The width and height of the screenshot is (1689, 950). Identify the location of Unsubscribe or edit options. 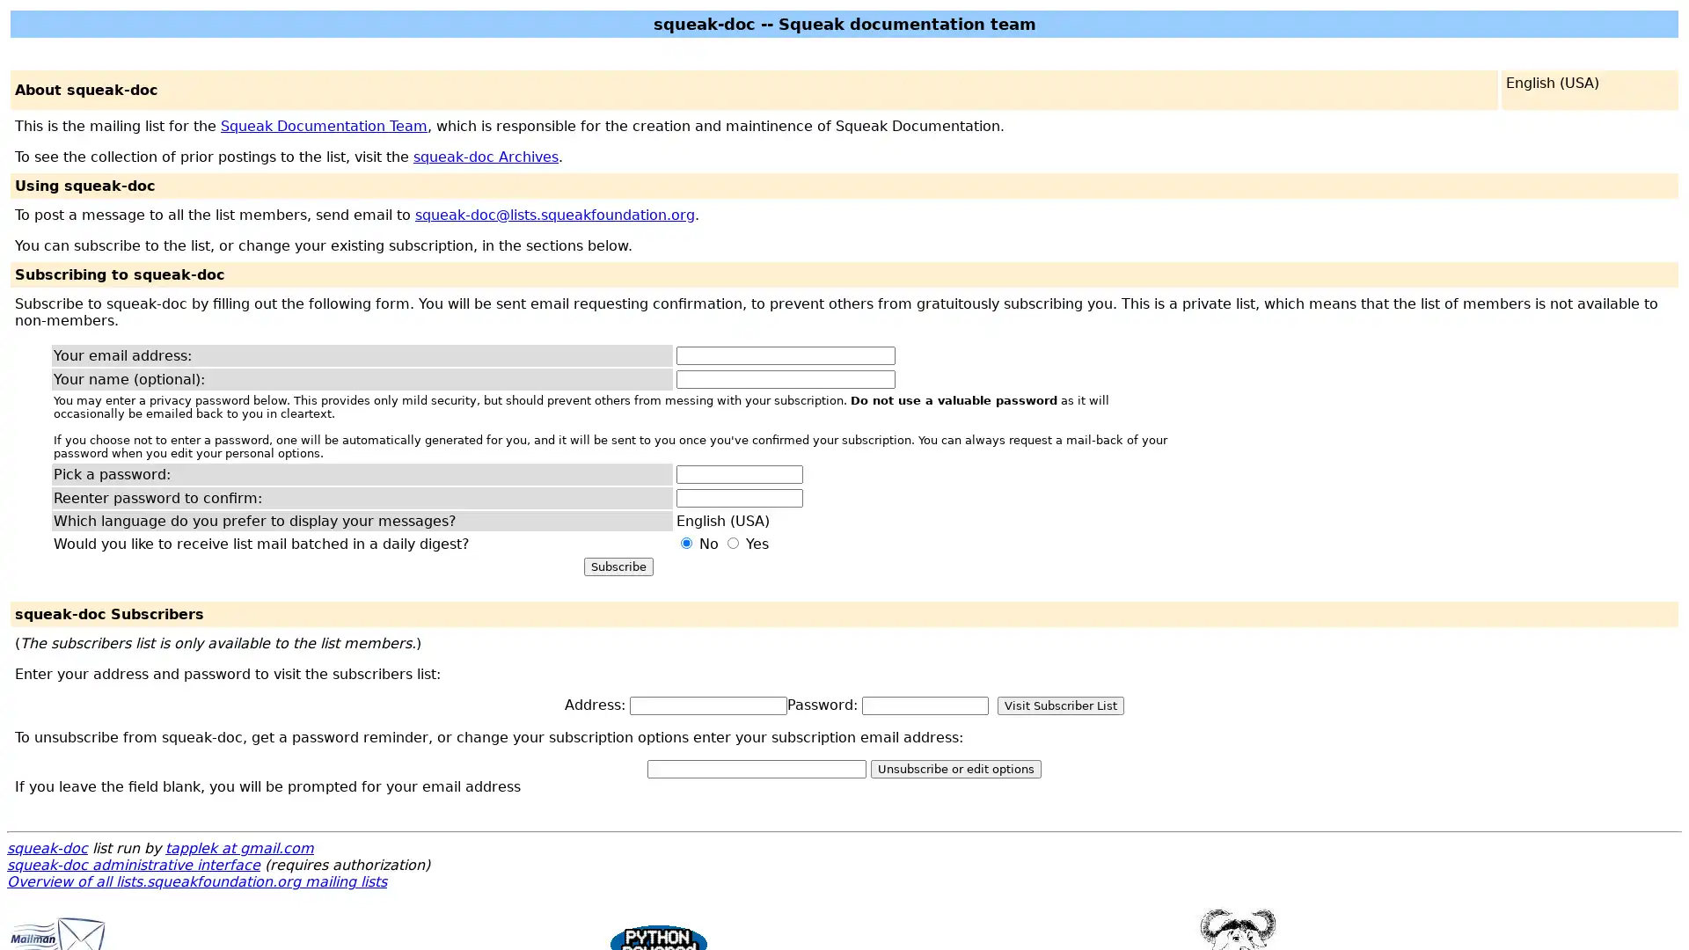
(954, 768).